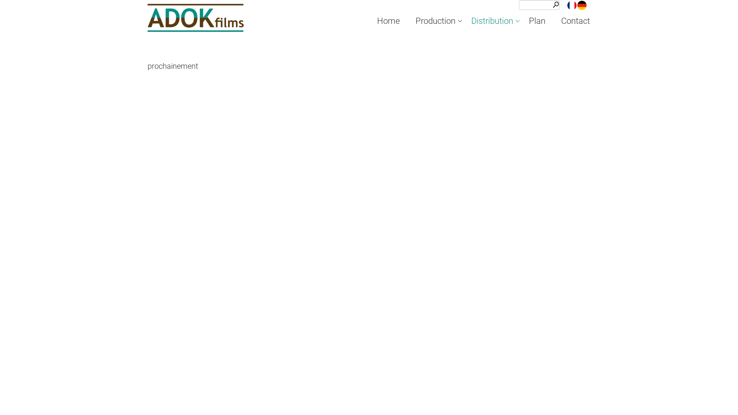  I want to click on 'Plan', so click(537, 20).